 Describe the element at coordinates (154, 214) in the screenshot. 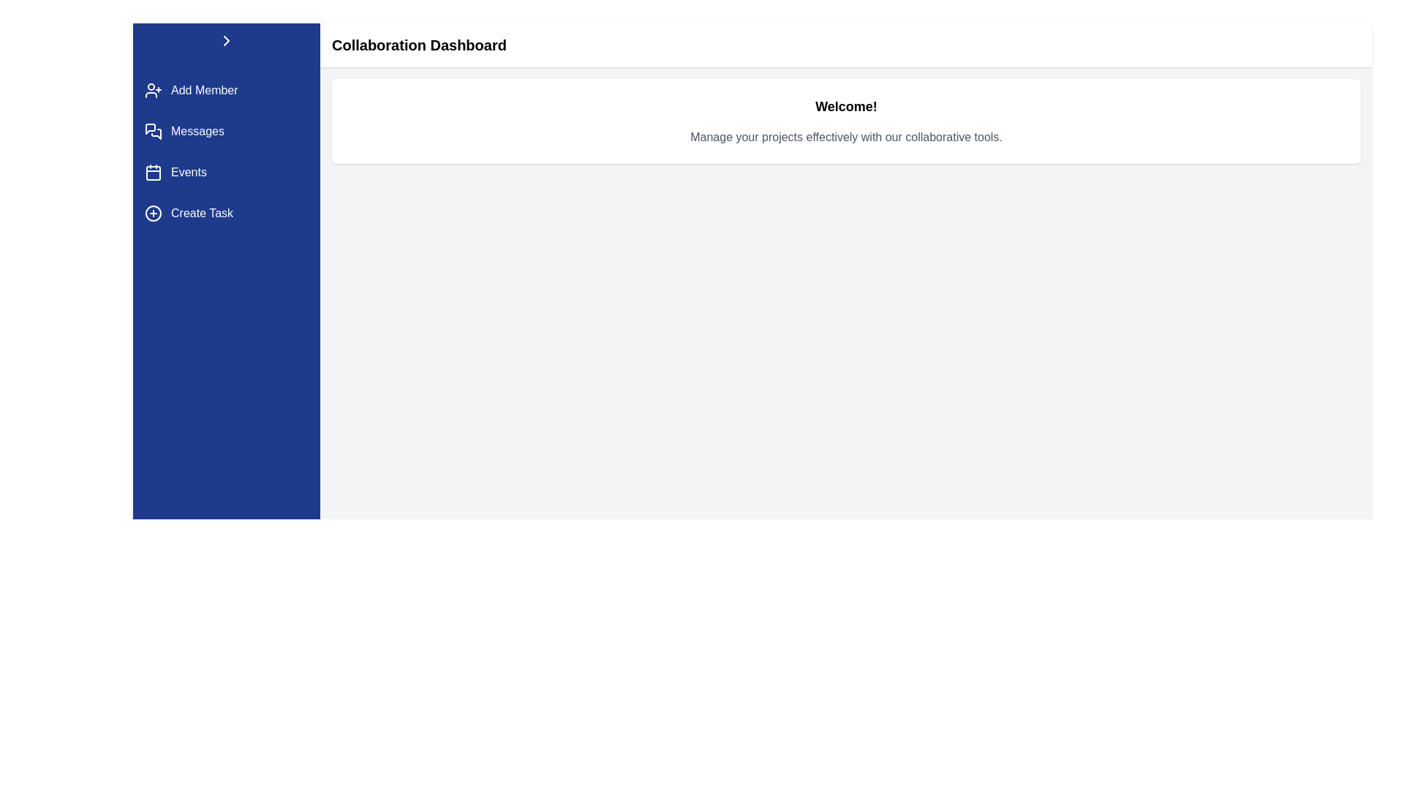

I see `the circular icon with a plus sign at the left side of the 'Create Task' button` at that location.